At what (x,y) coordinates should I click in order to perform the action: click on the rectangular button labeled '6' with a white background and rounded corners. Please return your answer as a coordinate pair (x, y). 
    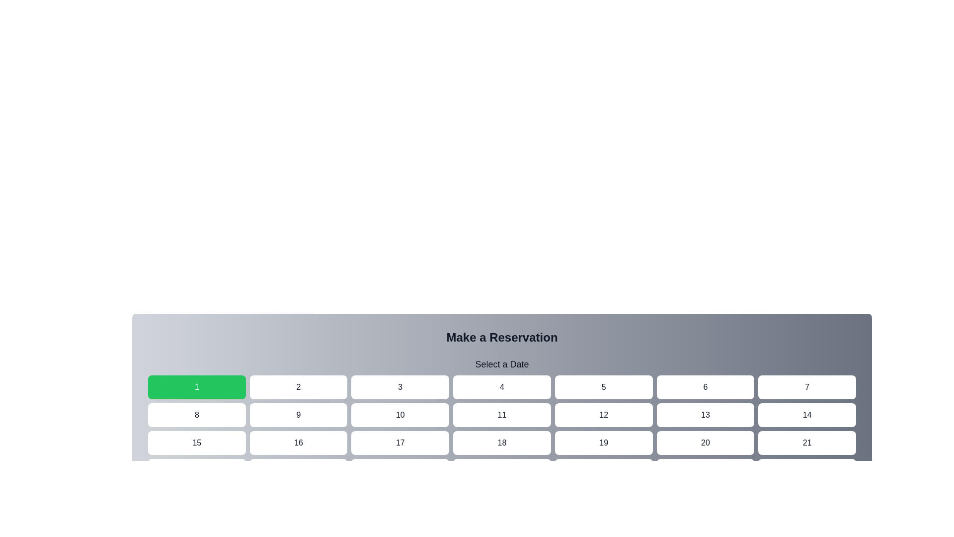
    Looking at the image, I should click on (705, 387).